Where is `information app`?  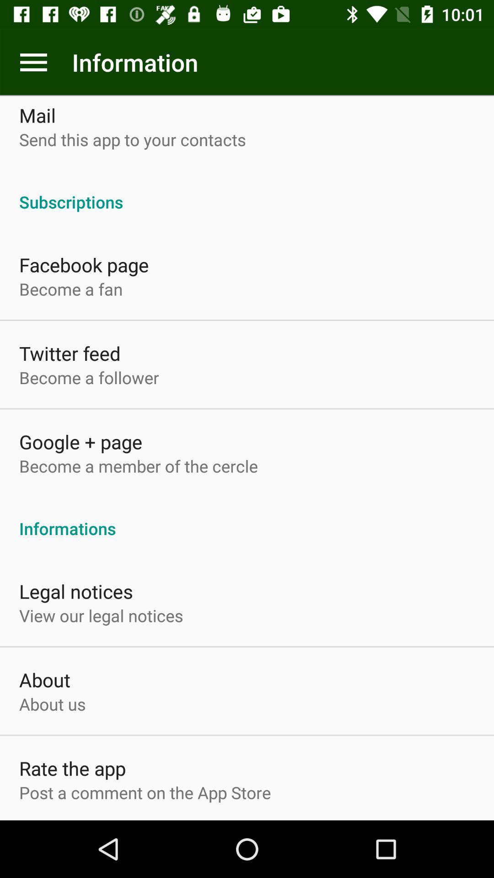 information app is located at coordinates (33, 62).